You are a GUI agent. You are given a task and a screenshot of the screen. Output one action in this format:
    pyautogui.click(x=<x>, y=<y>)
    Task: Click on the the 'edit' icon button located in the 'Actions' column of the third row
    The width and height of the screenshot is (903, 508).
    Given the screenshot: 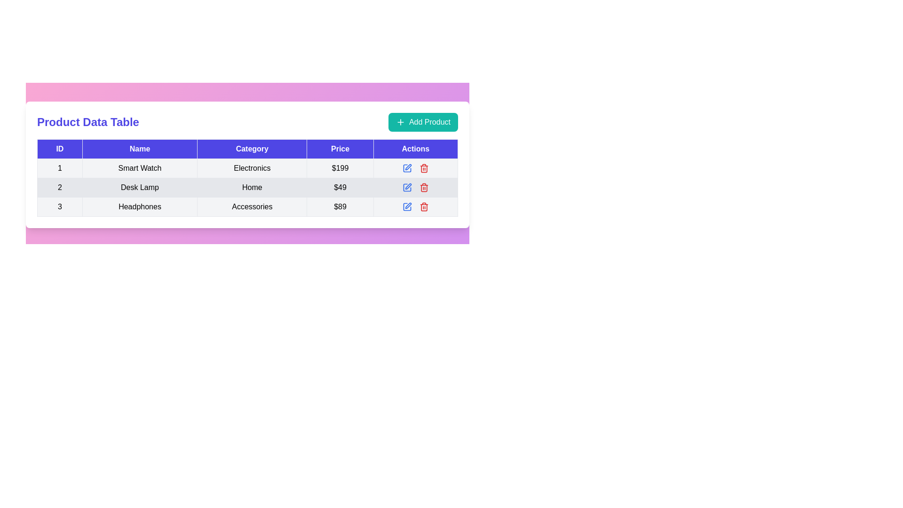 What is the action you would take?
    pyautogui.click(x=408, y=205)
    